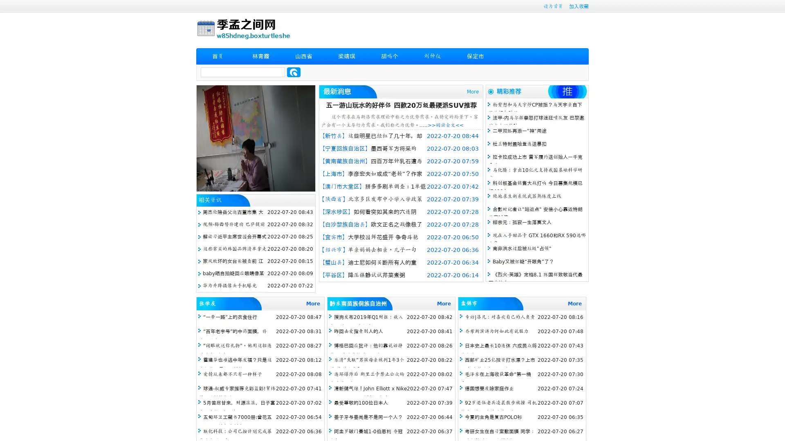 Image resolution: width=785 pixels, height=441 pixels. What do you see at coordinates (294, 72) in the screenshot?
I see `Search` at bounding box center [294, 72].